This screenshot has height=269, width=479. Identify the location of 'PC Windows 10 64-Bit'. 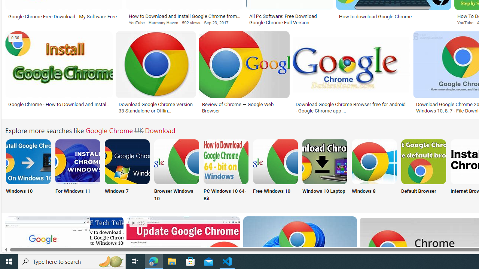
(226, 171).